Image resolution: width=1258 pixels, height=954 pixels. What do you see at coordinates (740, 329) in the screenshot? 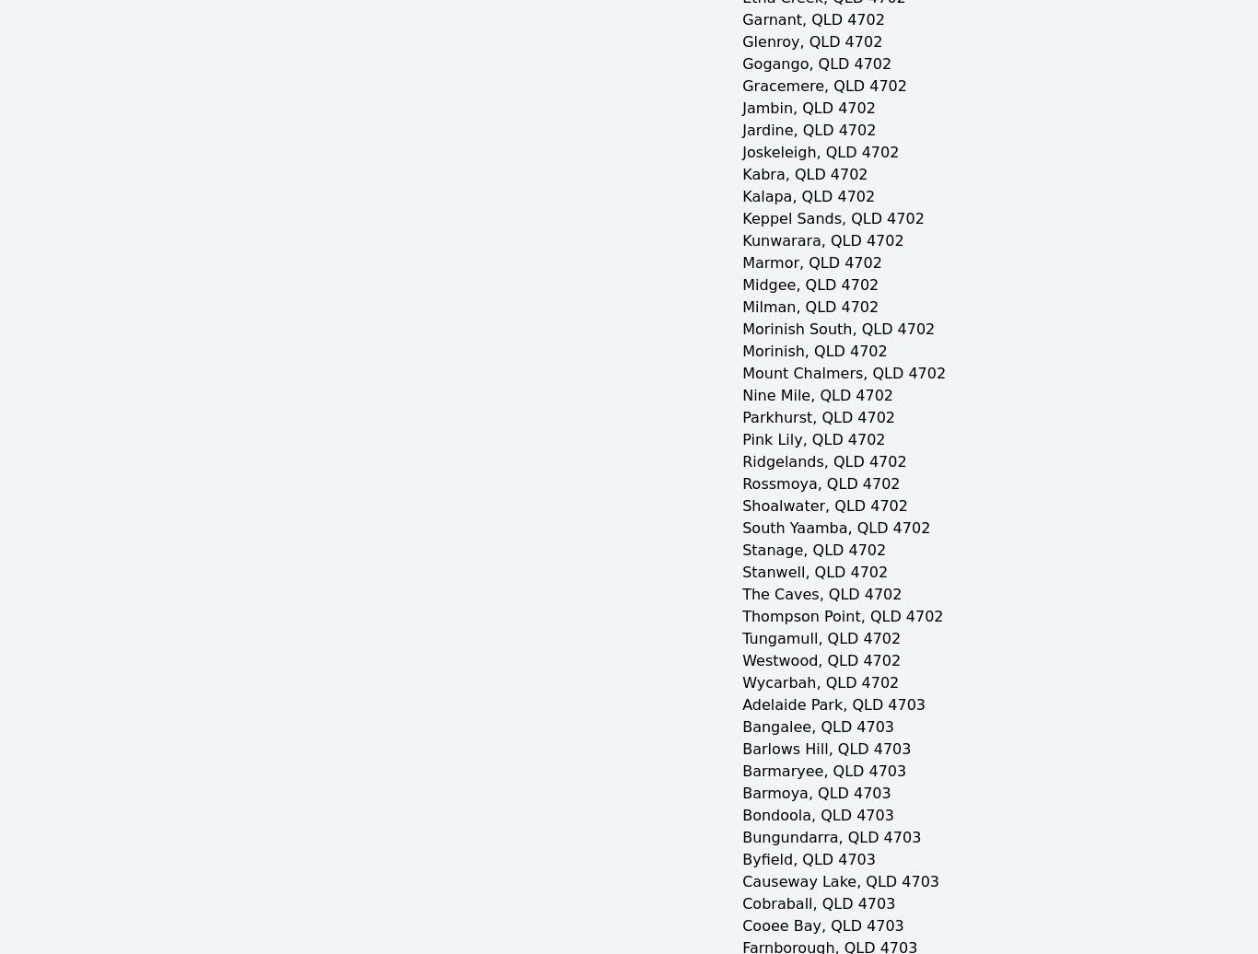
I see `'Morinish South, QLD 4702'` at bounding box center [740, 329].